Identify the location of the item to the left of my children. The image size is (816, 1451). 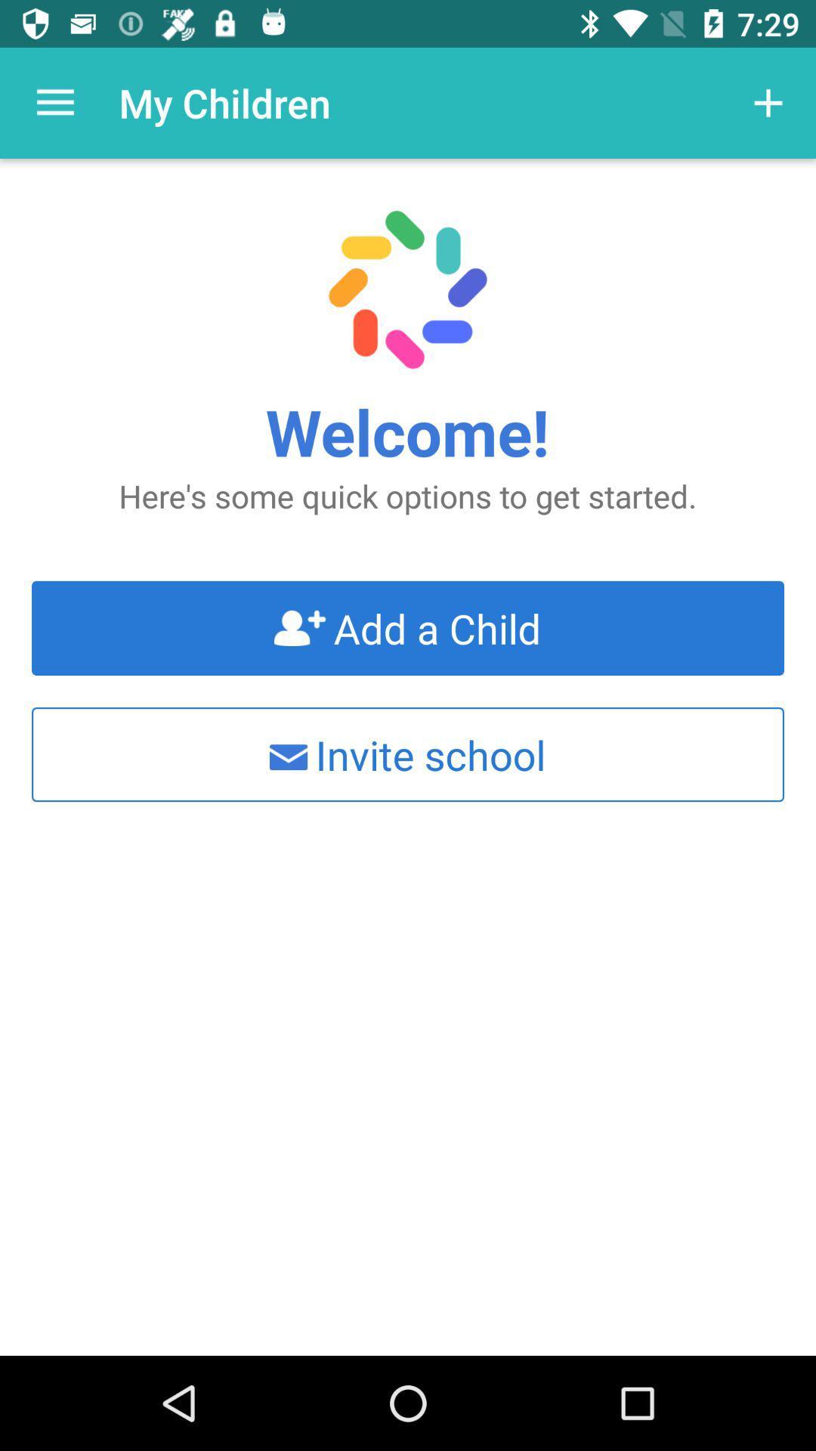
(54, 102).